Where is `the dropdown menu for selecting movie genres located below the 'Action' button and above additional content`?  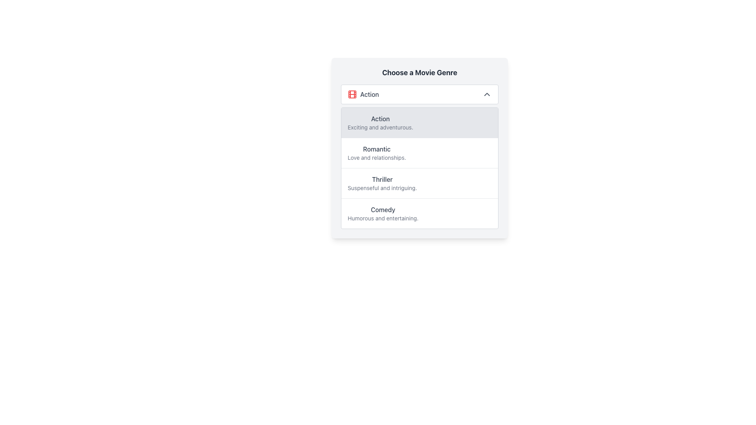
the dropdown menu for selecting movie genres located below the 'Action' button and above additional content is located at coordinates (419, 168).